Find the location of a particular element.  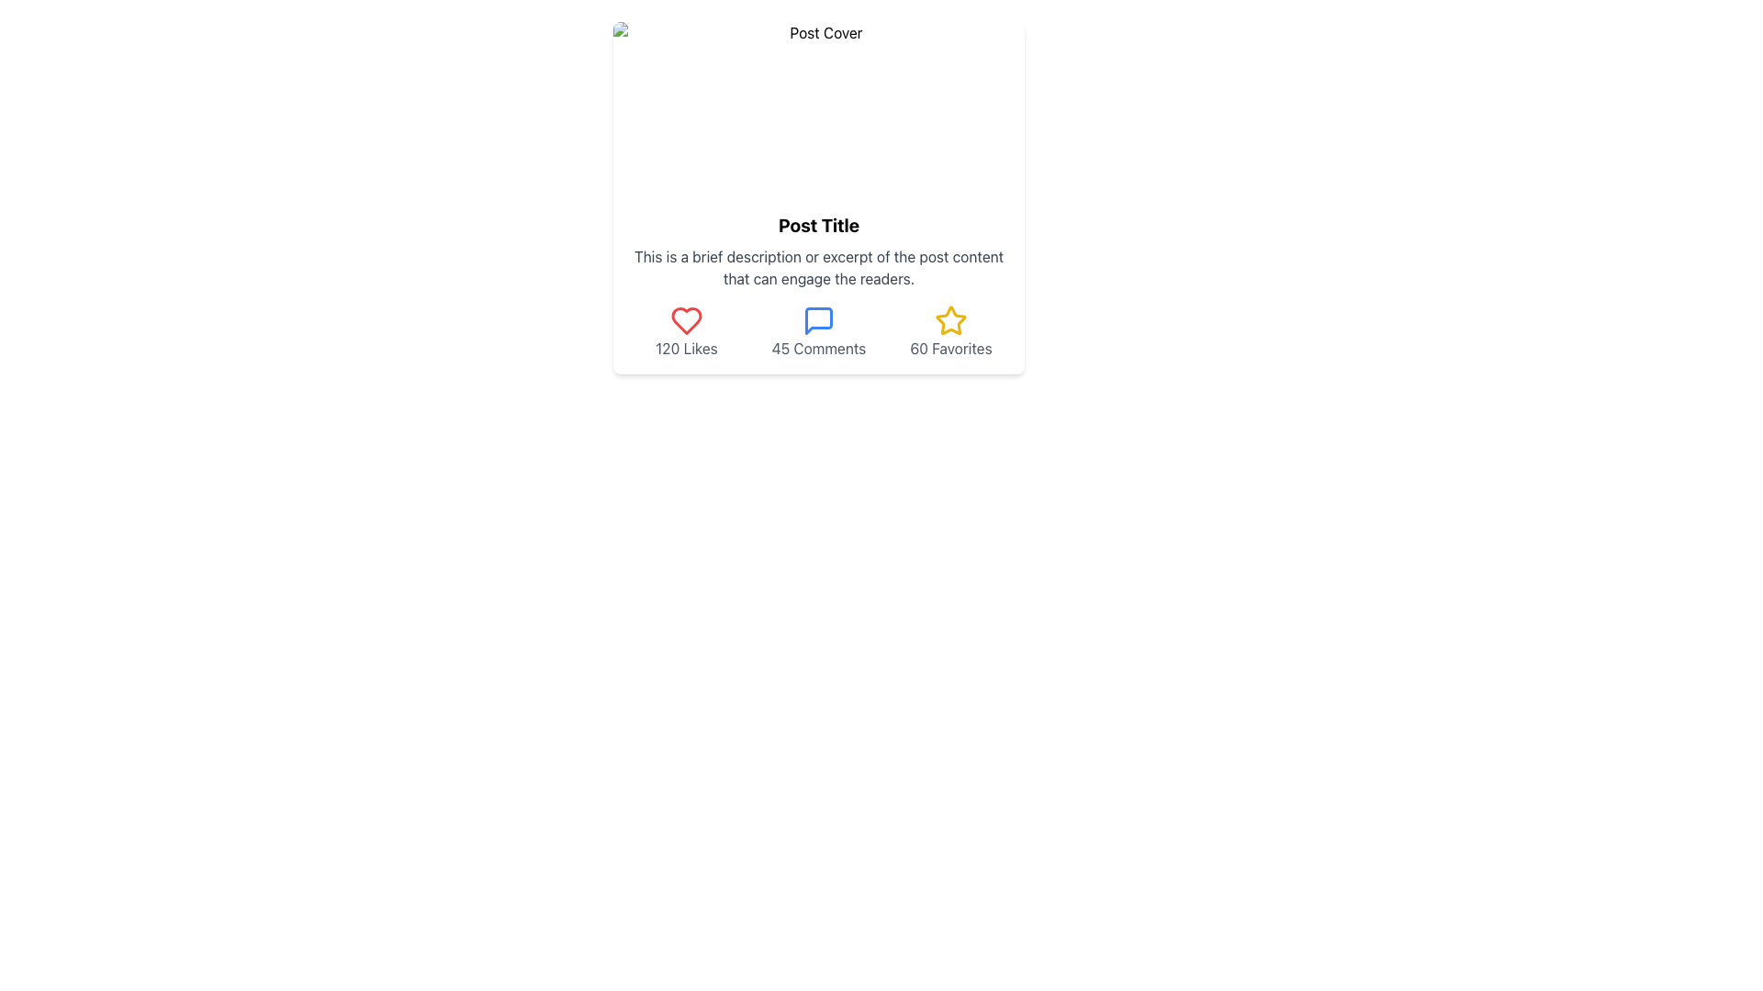

the star icon located in the bottom-right section of the panel to interact with the favorites feature, which is visually represented to mark items as favorited is located at coordinates (951, 320).